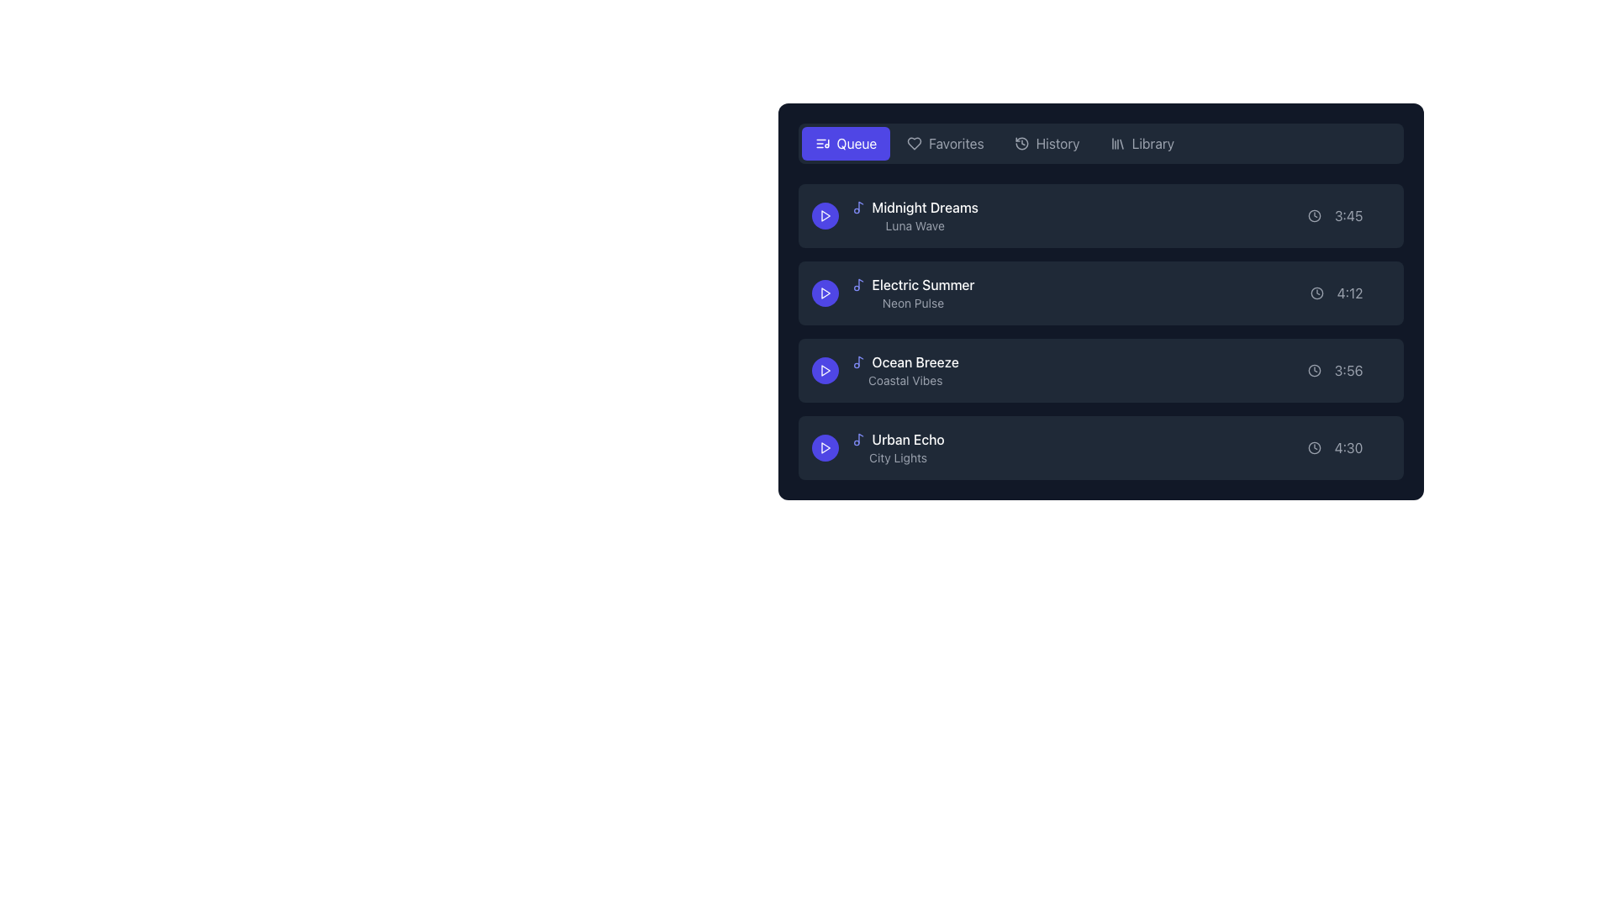 The width and height of the screenshot is (1614, 908). What do you see at coordinates (914, 142) in the screenshot?
I see `the heart icon representing the 'Favorites' feature in the navigation bar, located to the left of the text 'Favorites'` at bounding box center [914, 142].